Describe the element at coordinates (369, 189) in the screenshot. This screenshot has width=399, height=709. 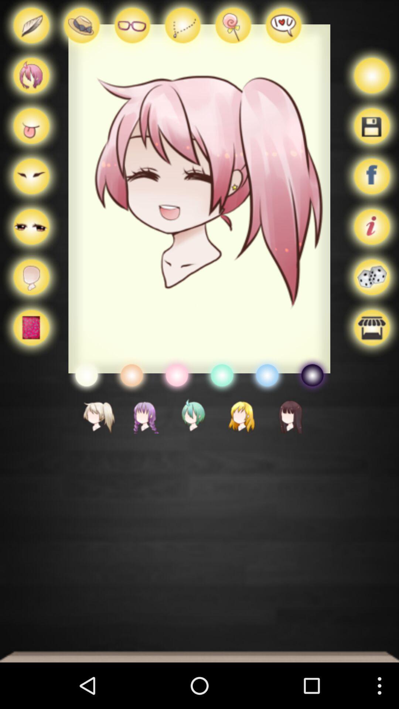
I see `the facebook icon` at that location.